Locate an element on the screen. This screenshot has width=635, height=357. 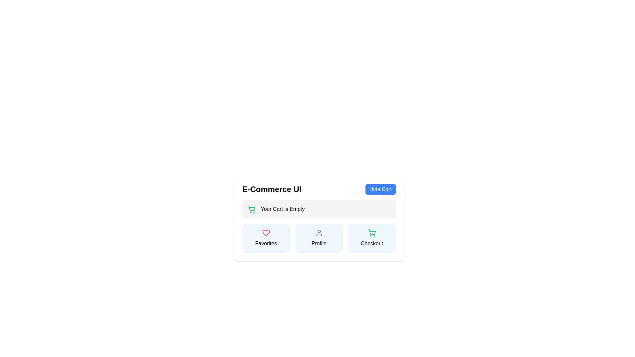
the leftmost button in a grid layout that navigates to the 'Favorites' page or section is located at coordinates (266, 238).